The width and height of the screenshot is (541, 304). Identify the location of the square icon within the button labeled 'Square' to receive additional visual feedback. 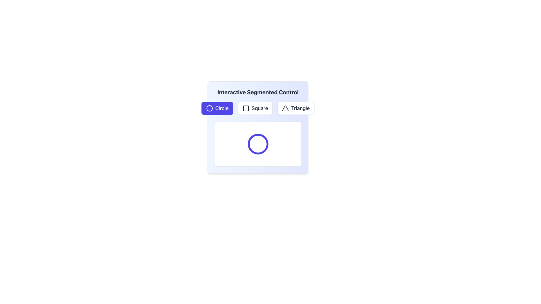
(246, 108).